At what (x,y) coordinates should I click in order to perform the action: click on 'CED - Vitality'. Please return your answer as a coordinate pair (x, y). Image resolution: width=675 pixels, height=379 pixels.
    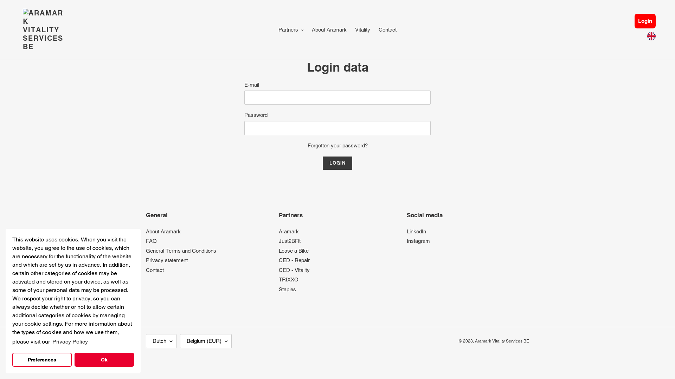
    Looking at the image, I should click on (294, 270).